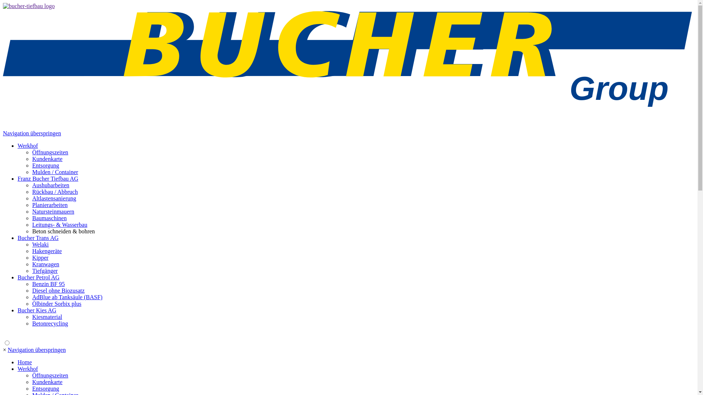  Describe the element at coordinates (53, 211) in the screenshot. I see `'Natursteinmauern'` at that location.